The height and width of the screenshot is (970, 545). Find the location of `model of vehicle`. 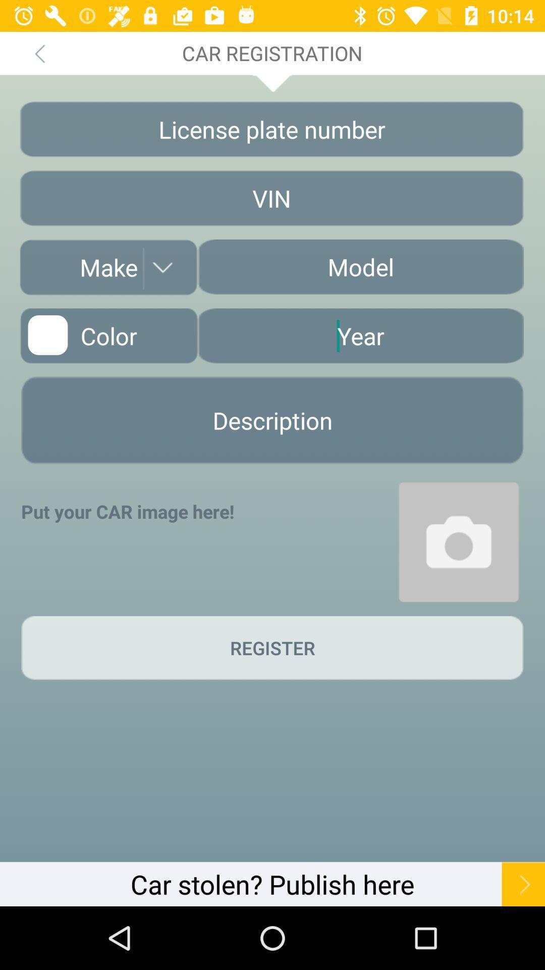

model of vehicle is located at coordinates (360, 267).